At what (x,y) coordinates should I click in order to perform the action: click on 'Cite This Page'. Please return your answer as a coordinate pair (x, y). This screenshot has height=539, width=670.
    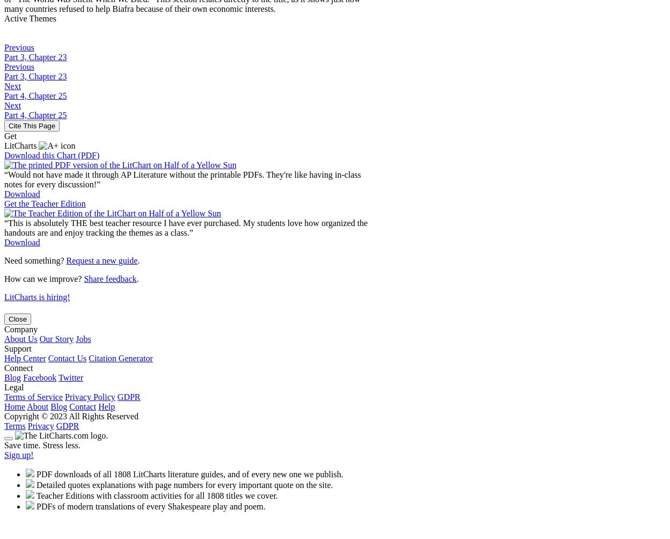
    Looking at the image, I should click on (31, 125).